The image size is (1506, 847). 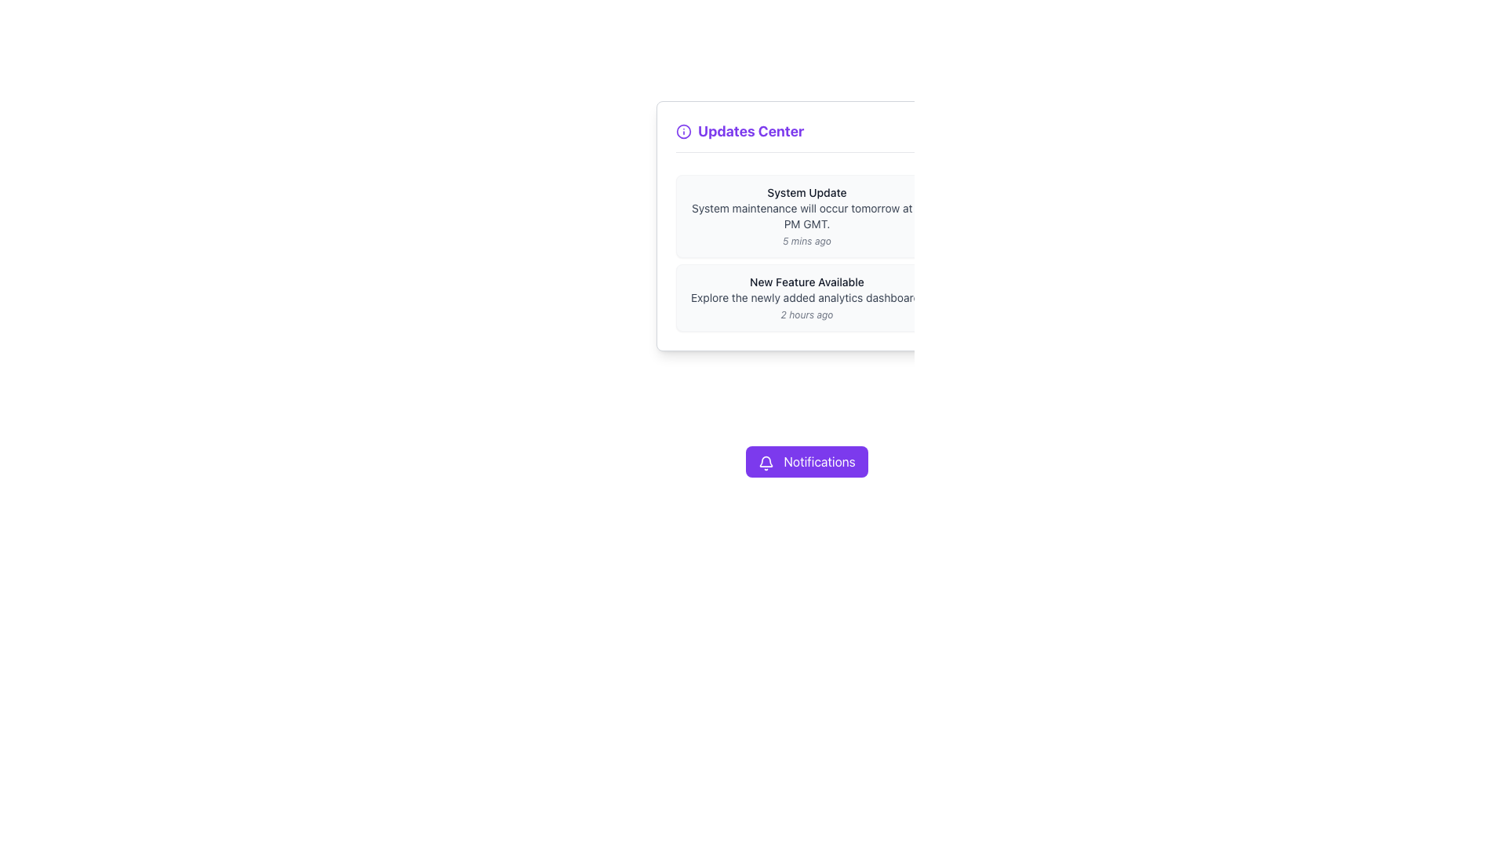 I want to click on the text label that reads 'New Feature Available', which is styled in bold dark gray and located in the 'Updates Center' section, above the description of the analytics dashboard, so click(x=806, y=281).